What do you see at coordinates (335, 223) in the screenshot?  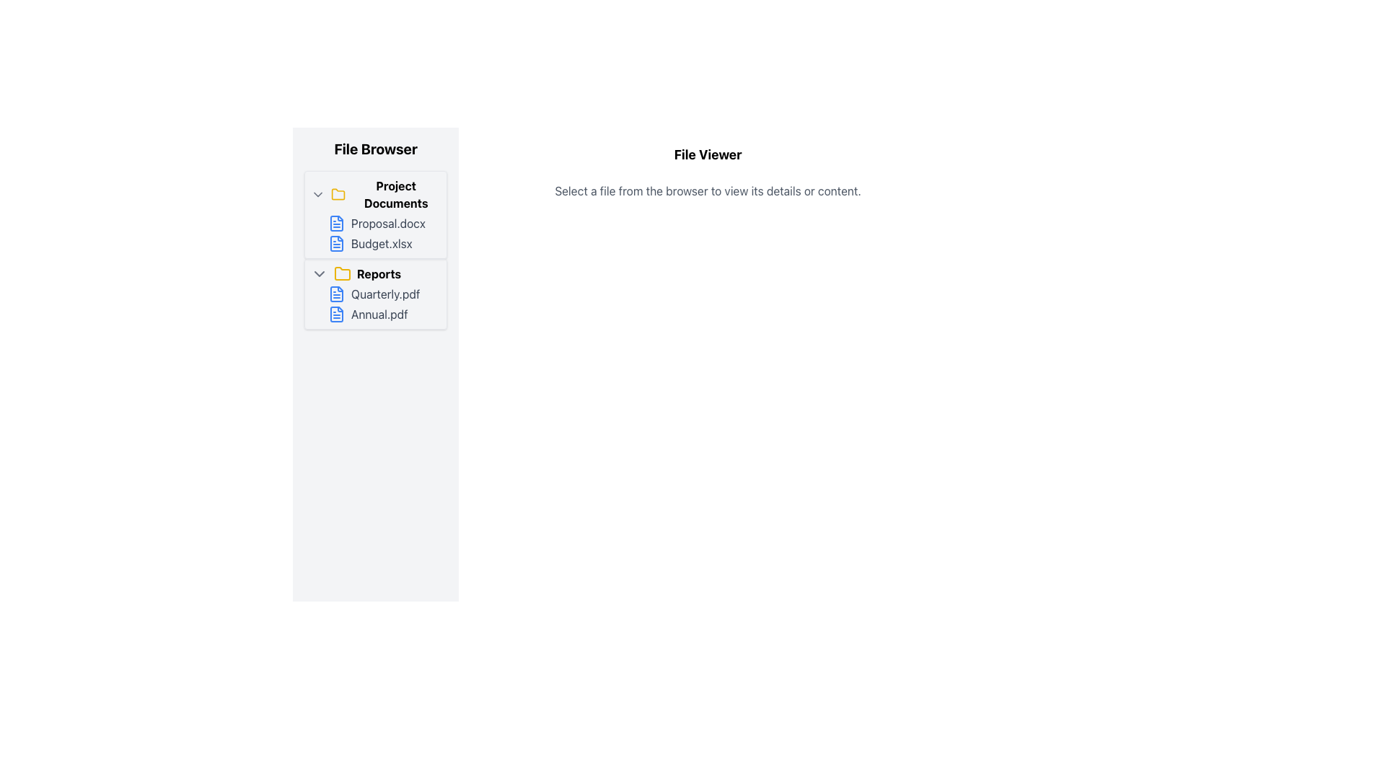 I see `the document file icon with a blue outline located to the left of the text 'Proposal.docx' in the 'File Browser' section` at bounding box center [335, 223].